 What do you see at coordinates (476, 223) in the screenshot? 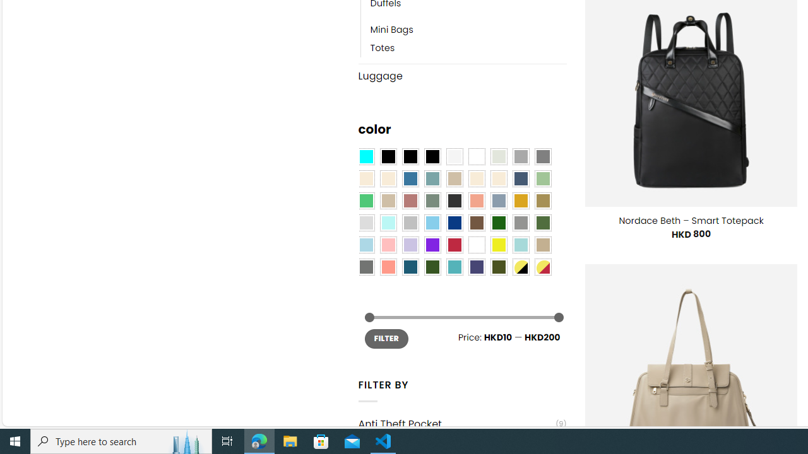
I see `'Brown'` at bounding box center [476, 223].